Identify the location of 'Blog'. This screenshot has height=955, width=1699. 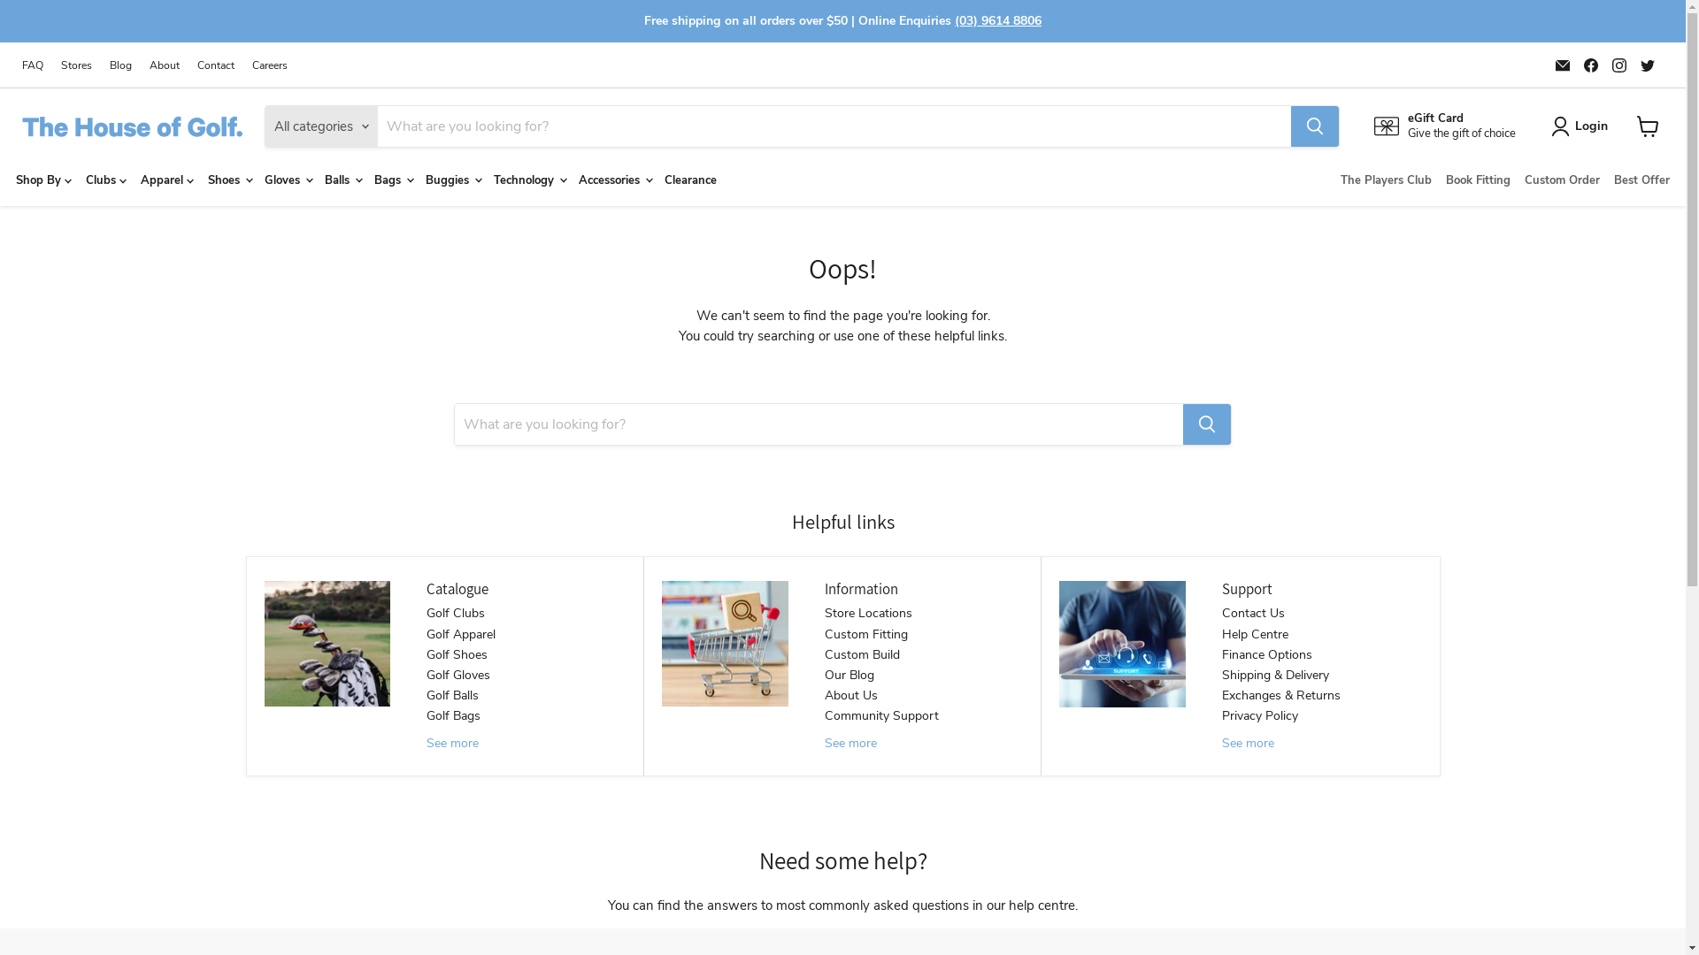
(119, 64).